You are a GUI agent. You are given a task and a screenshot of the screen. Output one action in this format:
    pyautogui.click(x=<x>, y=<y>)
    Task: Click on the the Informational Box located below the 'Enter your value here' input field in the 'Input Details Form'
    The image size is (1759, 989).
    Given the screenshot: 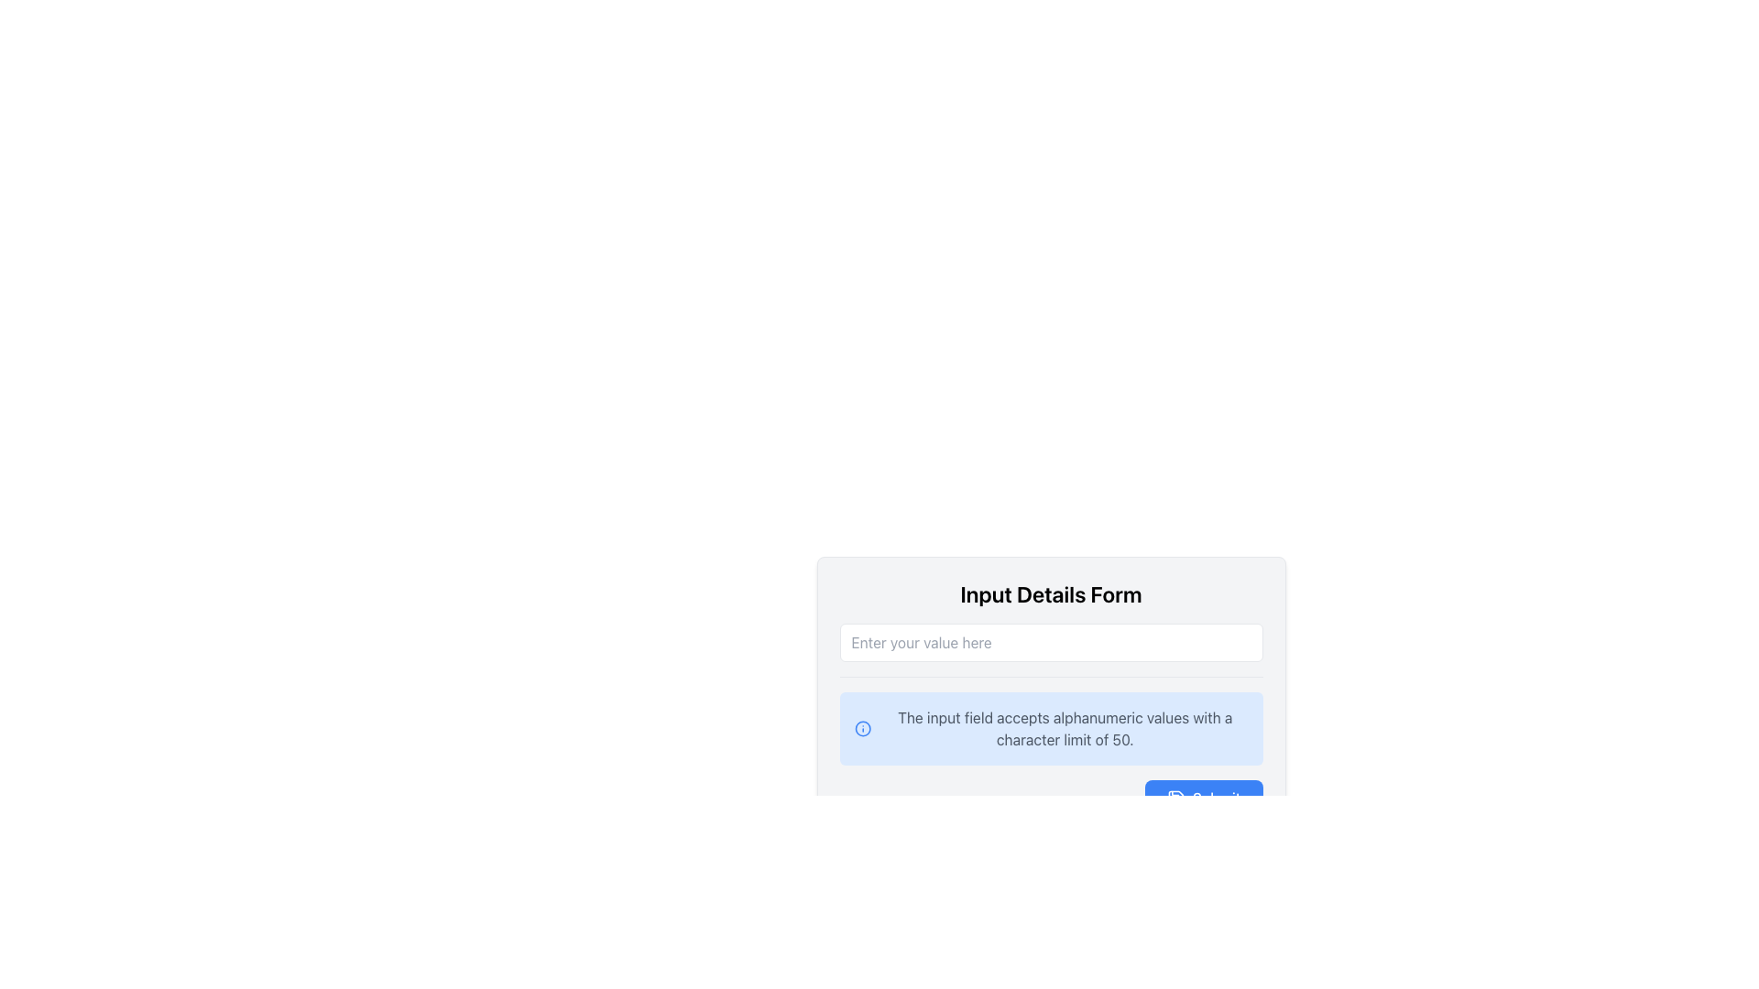 What is the action you would take?
    pyautogui.click(x=1051, y=719)
    